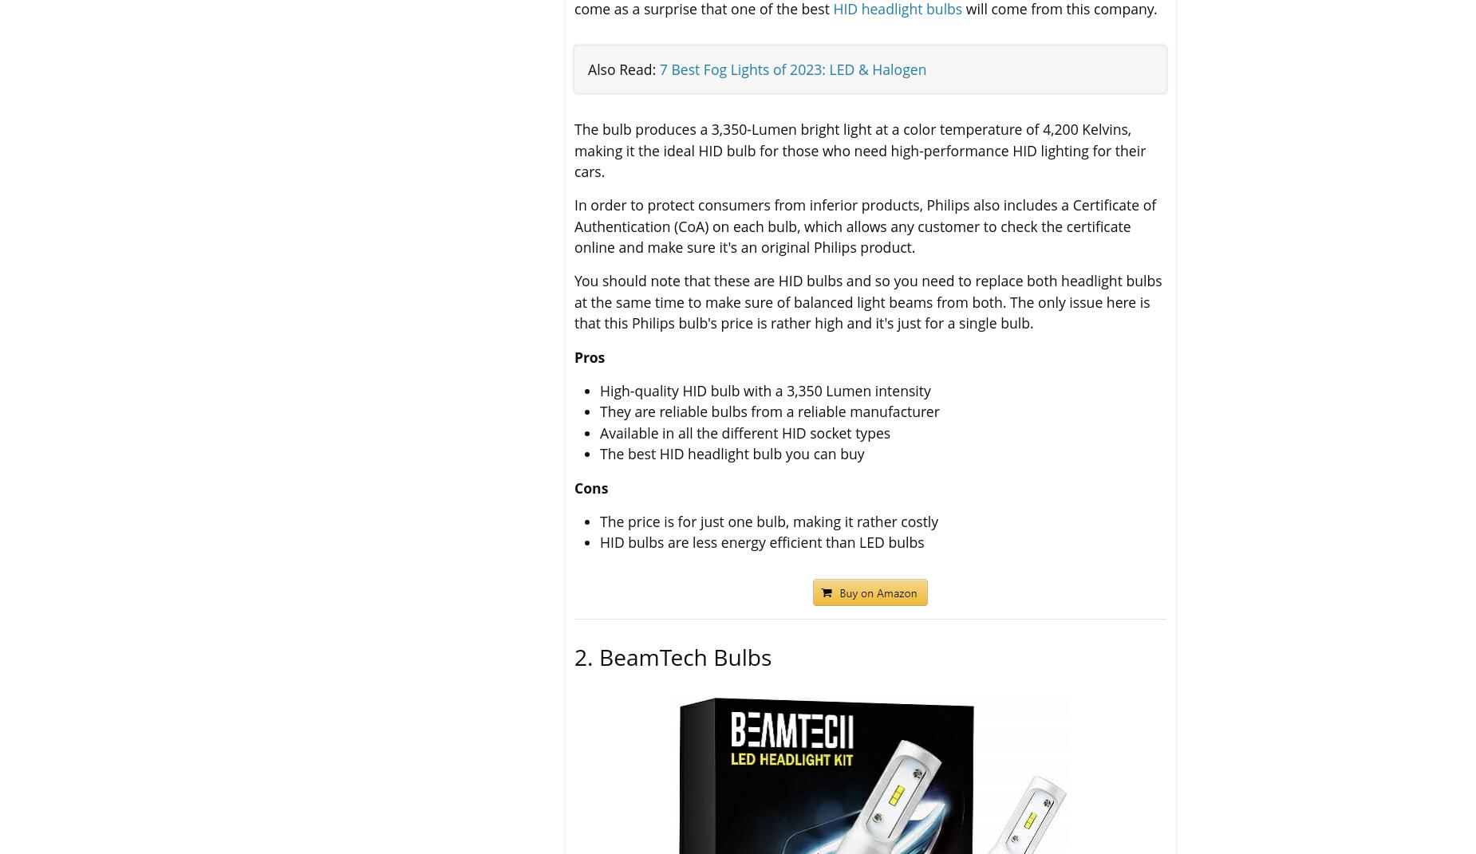 The image size is (1476, 854). I want to click on '7 Best Fog Lights of 2023: LED & Halogen', so click(791, 69).